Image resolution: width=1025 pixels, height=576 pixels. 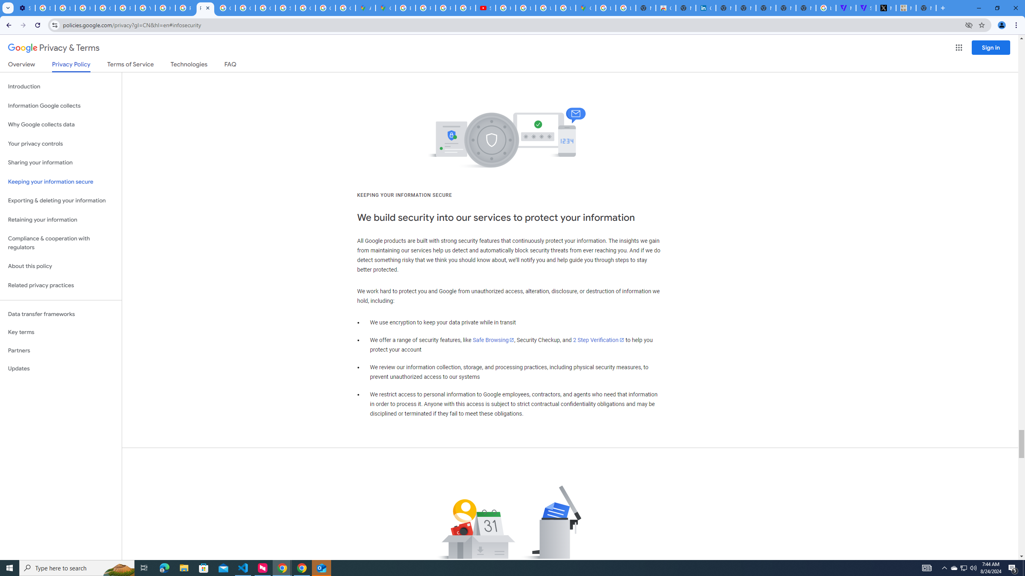 What do you see at coordinates (105, 8) in the screenshot?
I see `'Google Account Help'` at bounding box center [105, 8].